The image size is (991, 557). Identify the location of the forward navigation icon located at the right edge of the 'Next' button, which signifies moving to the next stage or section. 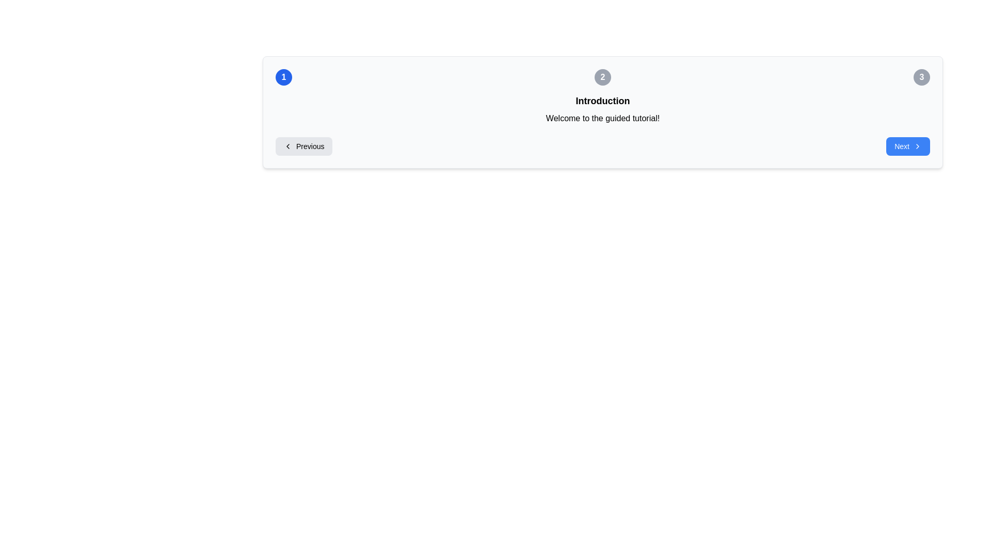
(917, 146).